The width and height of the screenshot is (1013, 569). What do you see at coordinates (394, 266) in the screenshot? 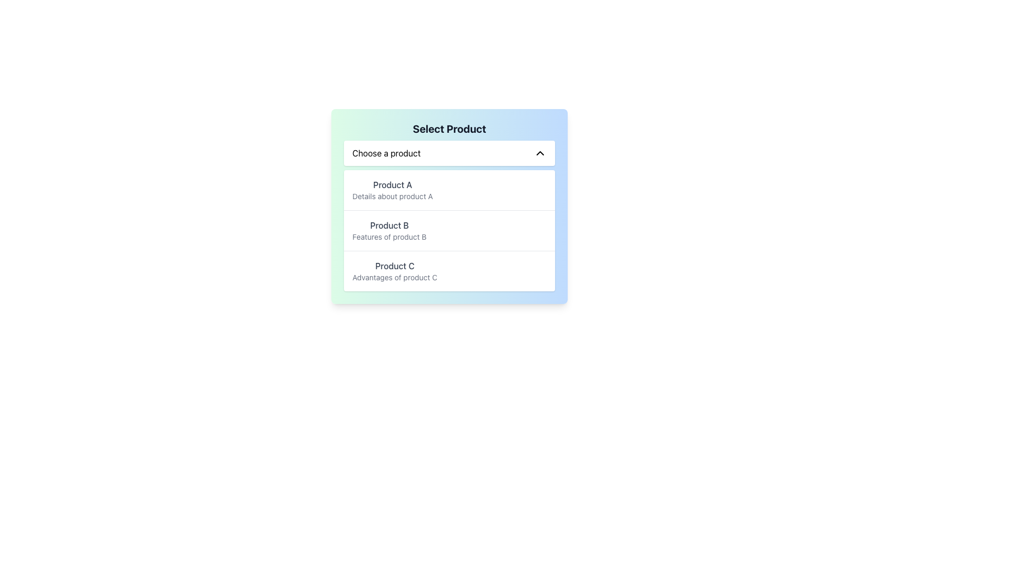
I see `the 'Product C' label in the dropdown menu` at bounding box center [394, 266].